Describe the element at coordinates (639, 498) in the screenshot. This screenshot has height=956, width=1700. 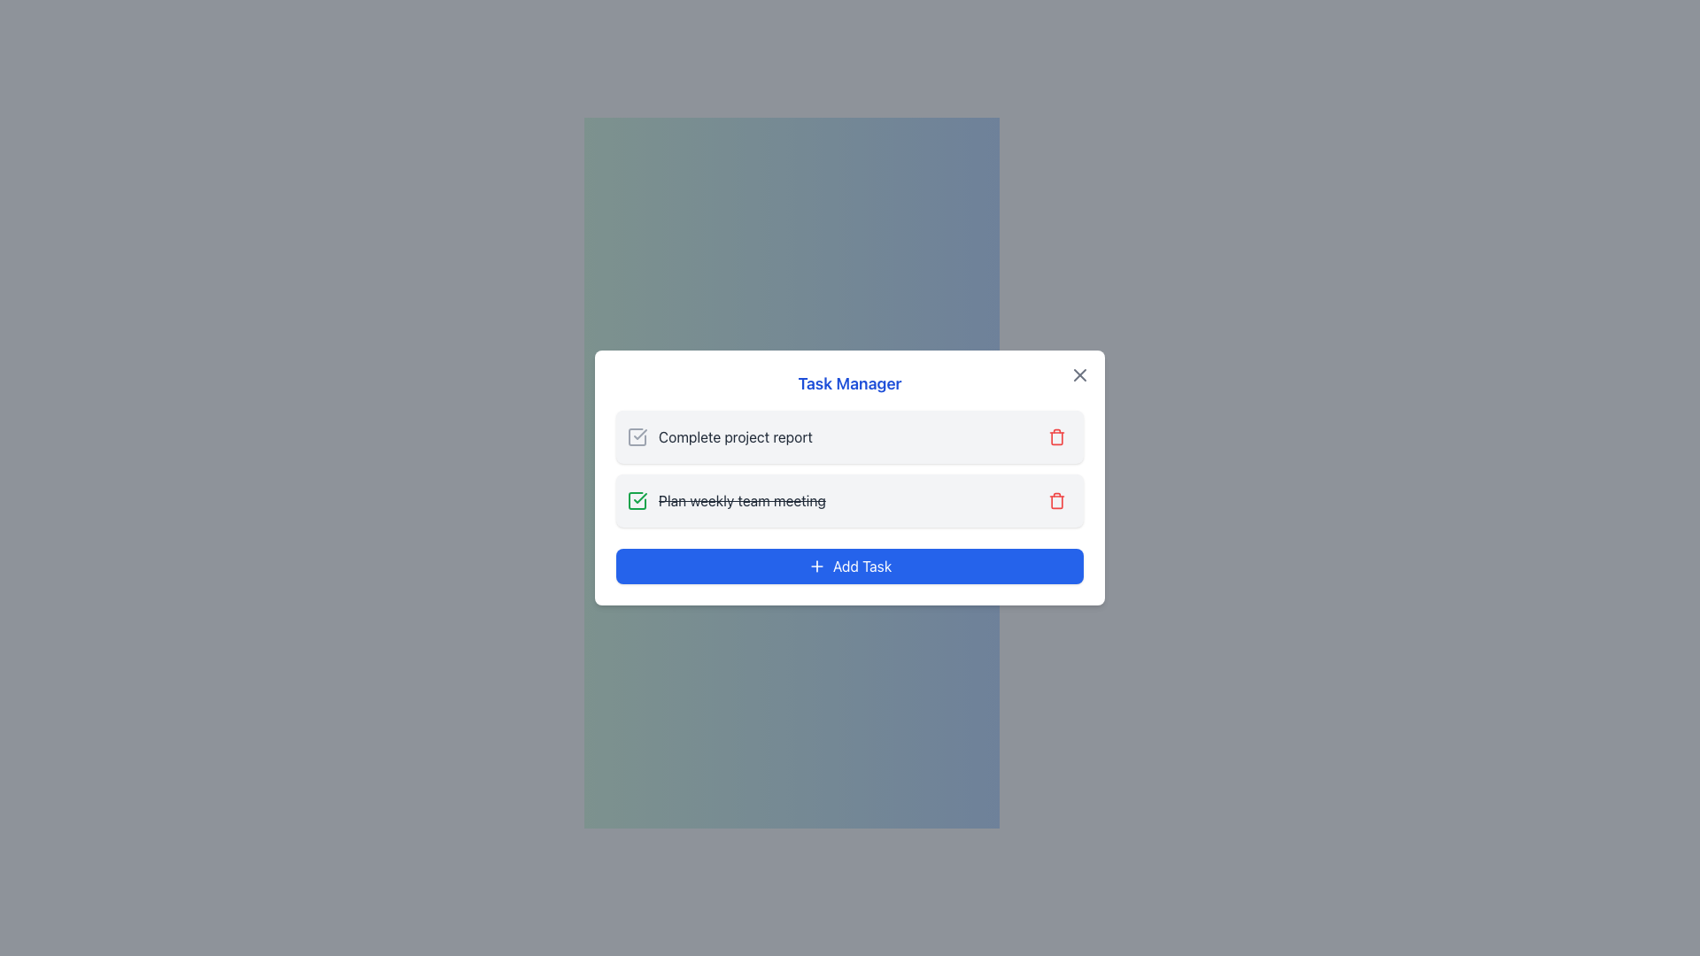
I see `checkmark vector graphic indicating completion for the task 'Plan weekly team meeting'` at that location.